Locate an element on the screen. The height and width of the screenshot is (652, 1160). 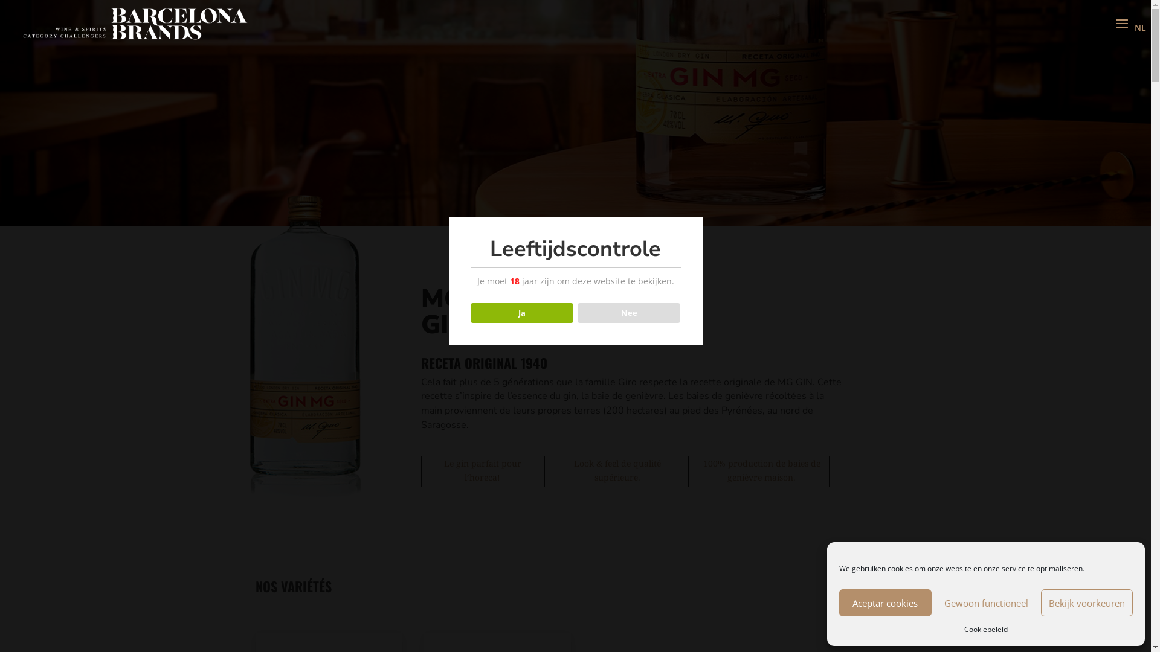
'Nee' is located at coordinates (628, 313).